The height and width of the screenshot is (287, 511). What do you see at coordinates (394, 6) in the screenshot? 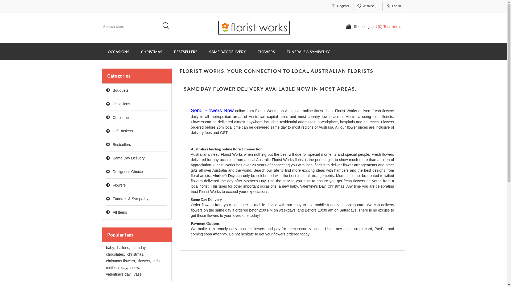
I see `'Log In'` at bounding box center [394, 6].